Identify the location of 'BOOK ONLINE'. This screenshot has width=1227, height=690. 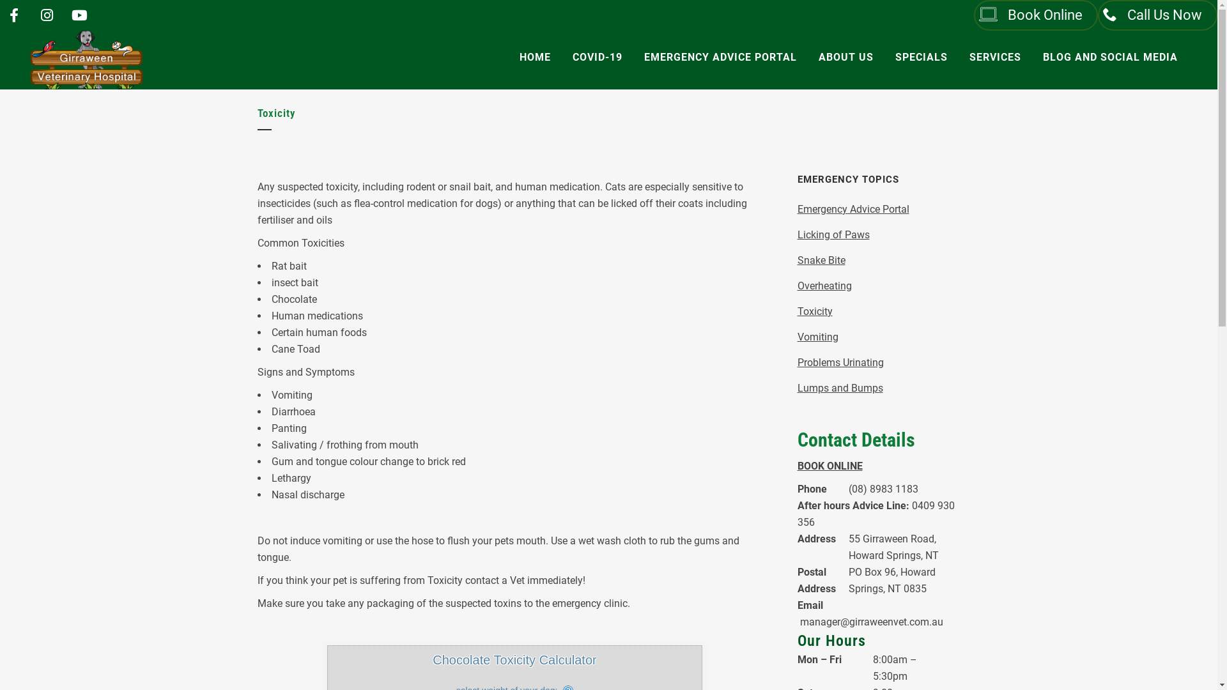
(830, 466).